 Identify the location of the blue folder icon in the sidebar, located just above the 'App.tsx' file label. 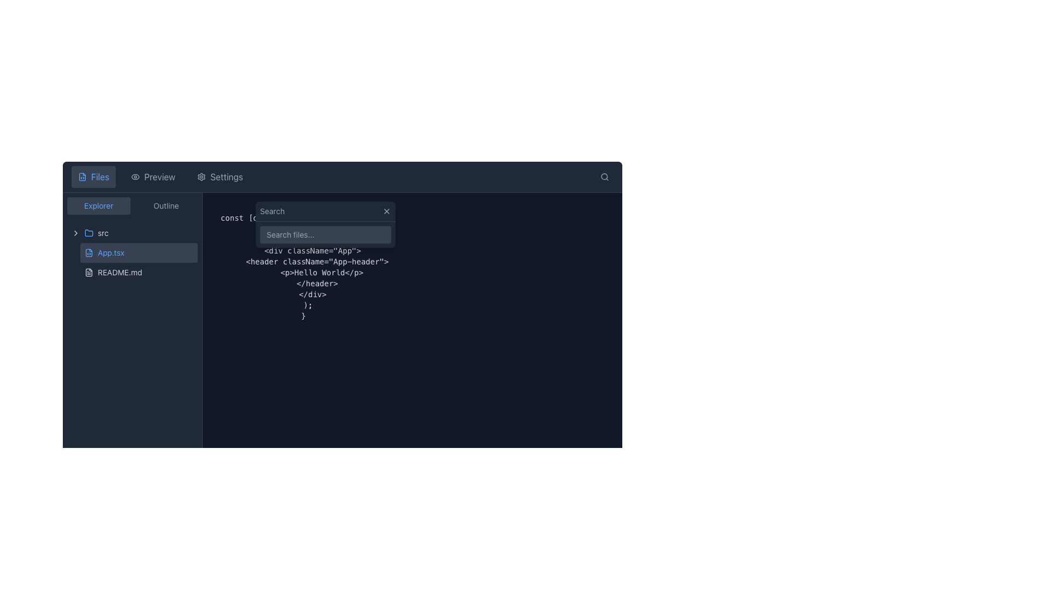
(89, 232).